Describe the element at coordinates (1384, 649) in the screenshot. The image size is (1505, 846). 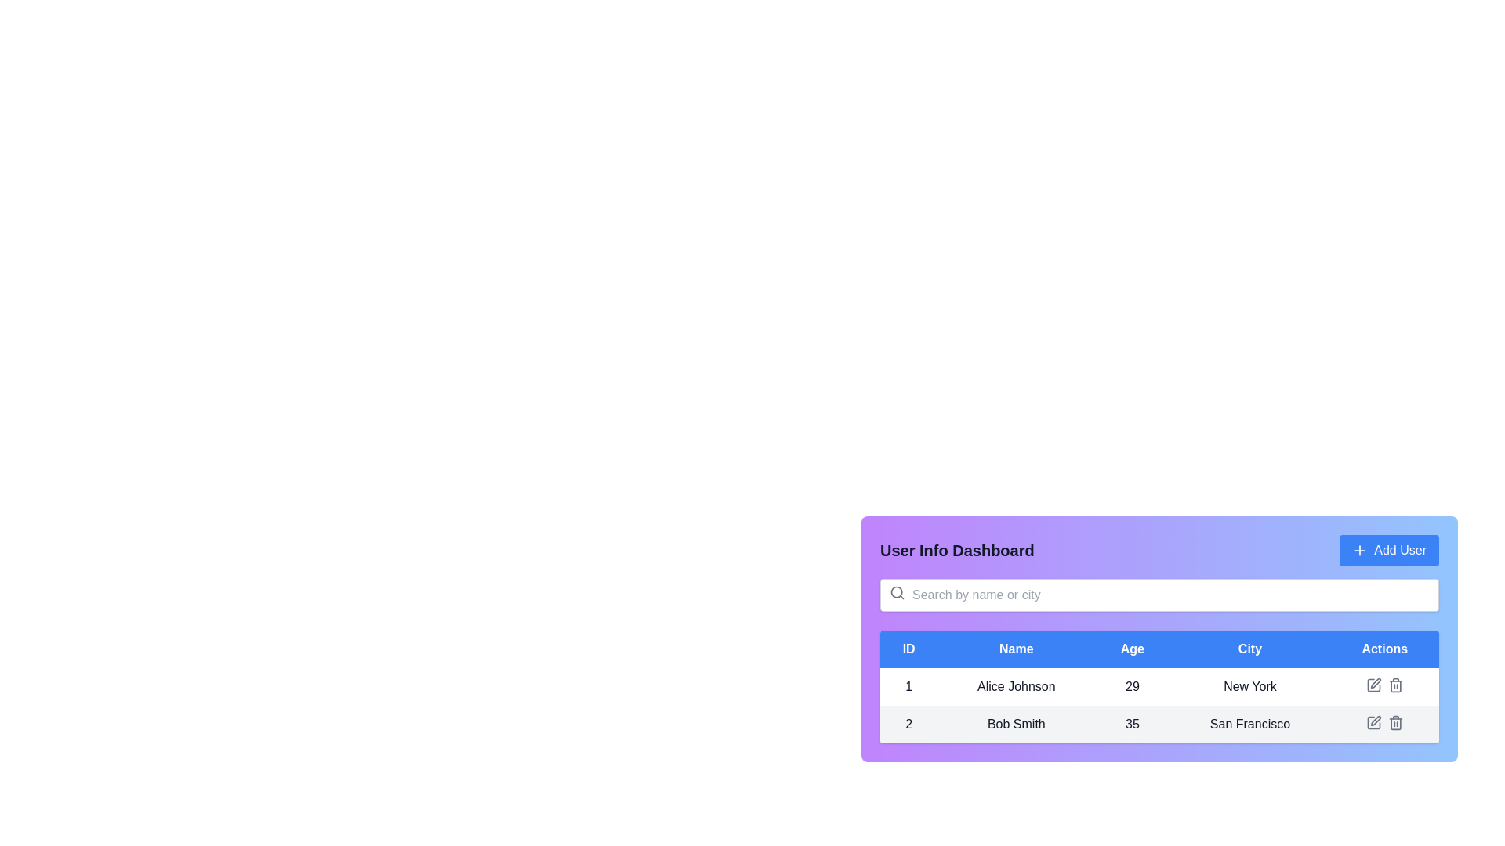
I see `the 'Actions' text label button with a blue background located at the center-right of the page, in the header row of the data table` at that location.